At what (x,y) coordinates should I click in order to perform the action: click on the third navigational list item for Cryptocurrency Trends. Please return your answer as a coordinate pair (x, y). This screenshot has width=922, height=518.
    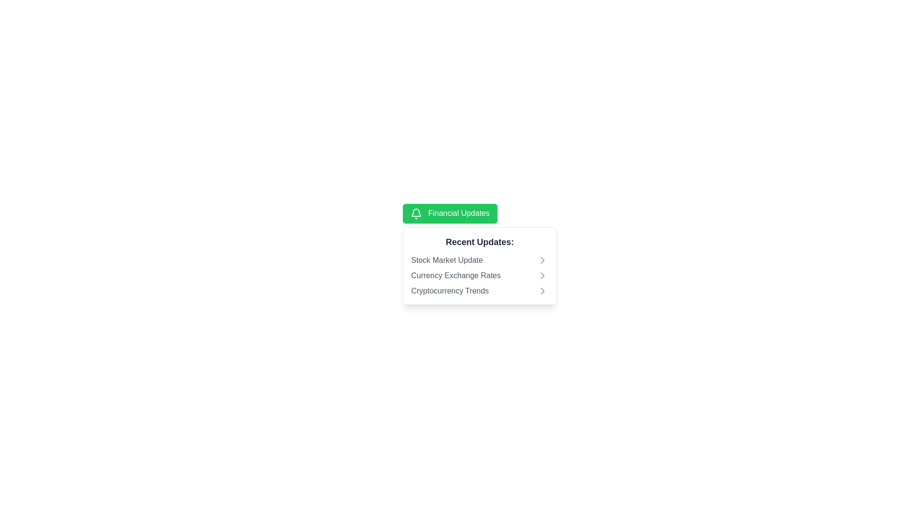
    Looking at the image, I should click on (480, 290).